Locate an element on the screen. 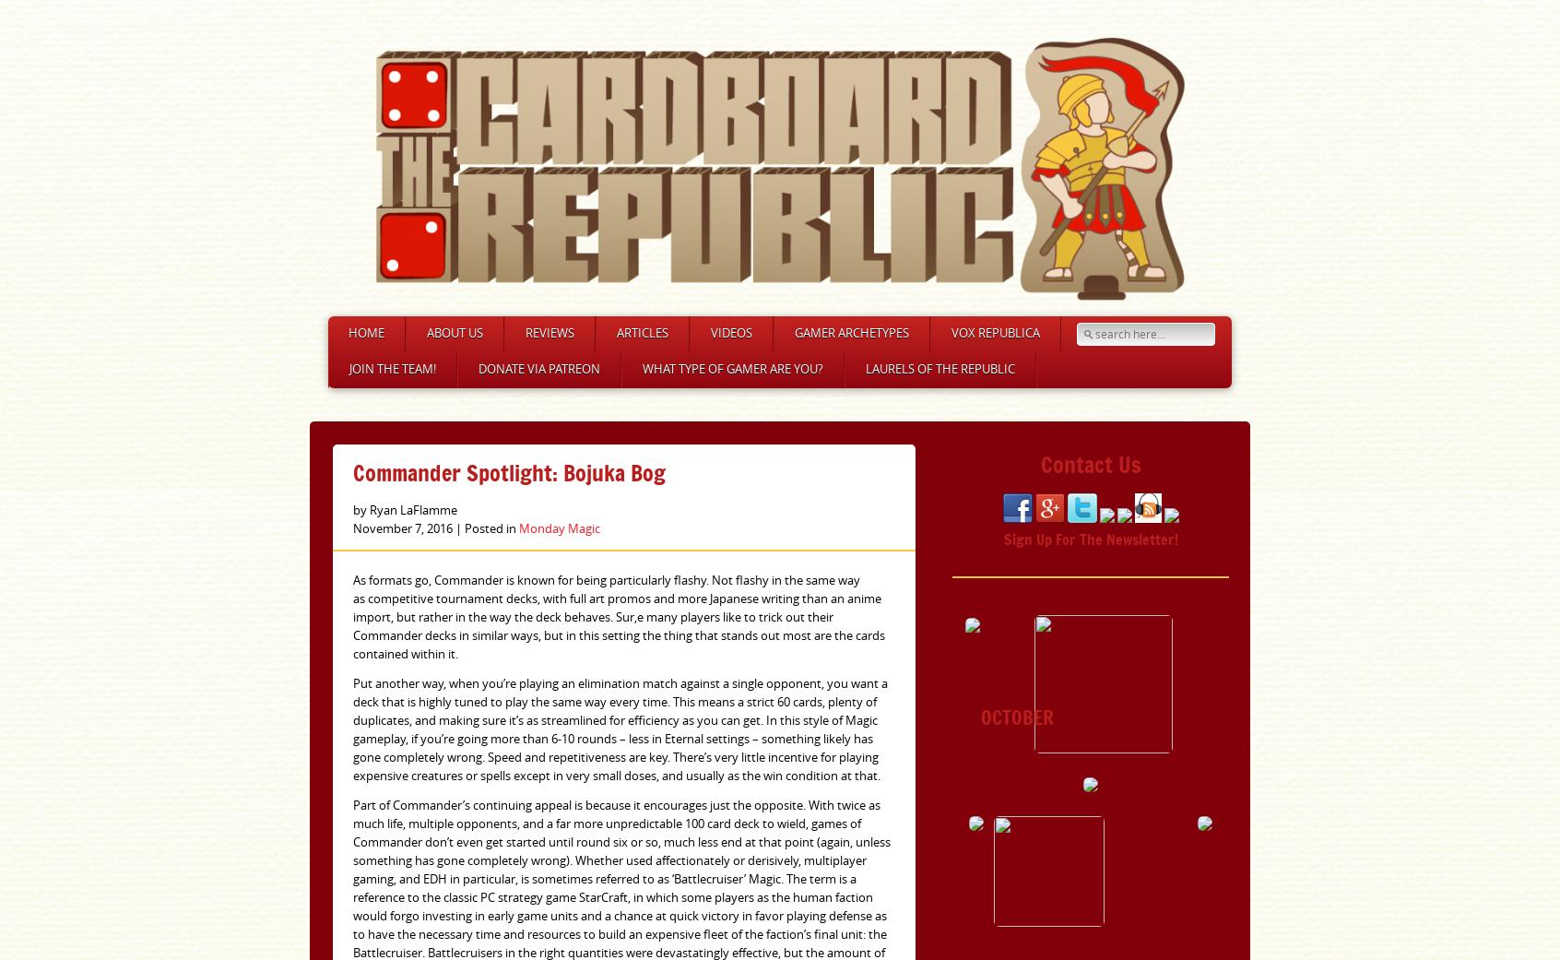 The image size is (1560, 960). 'Home' is located at coordinates (366, 333).